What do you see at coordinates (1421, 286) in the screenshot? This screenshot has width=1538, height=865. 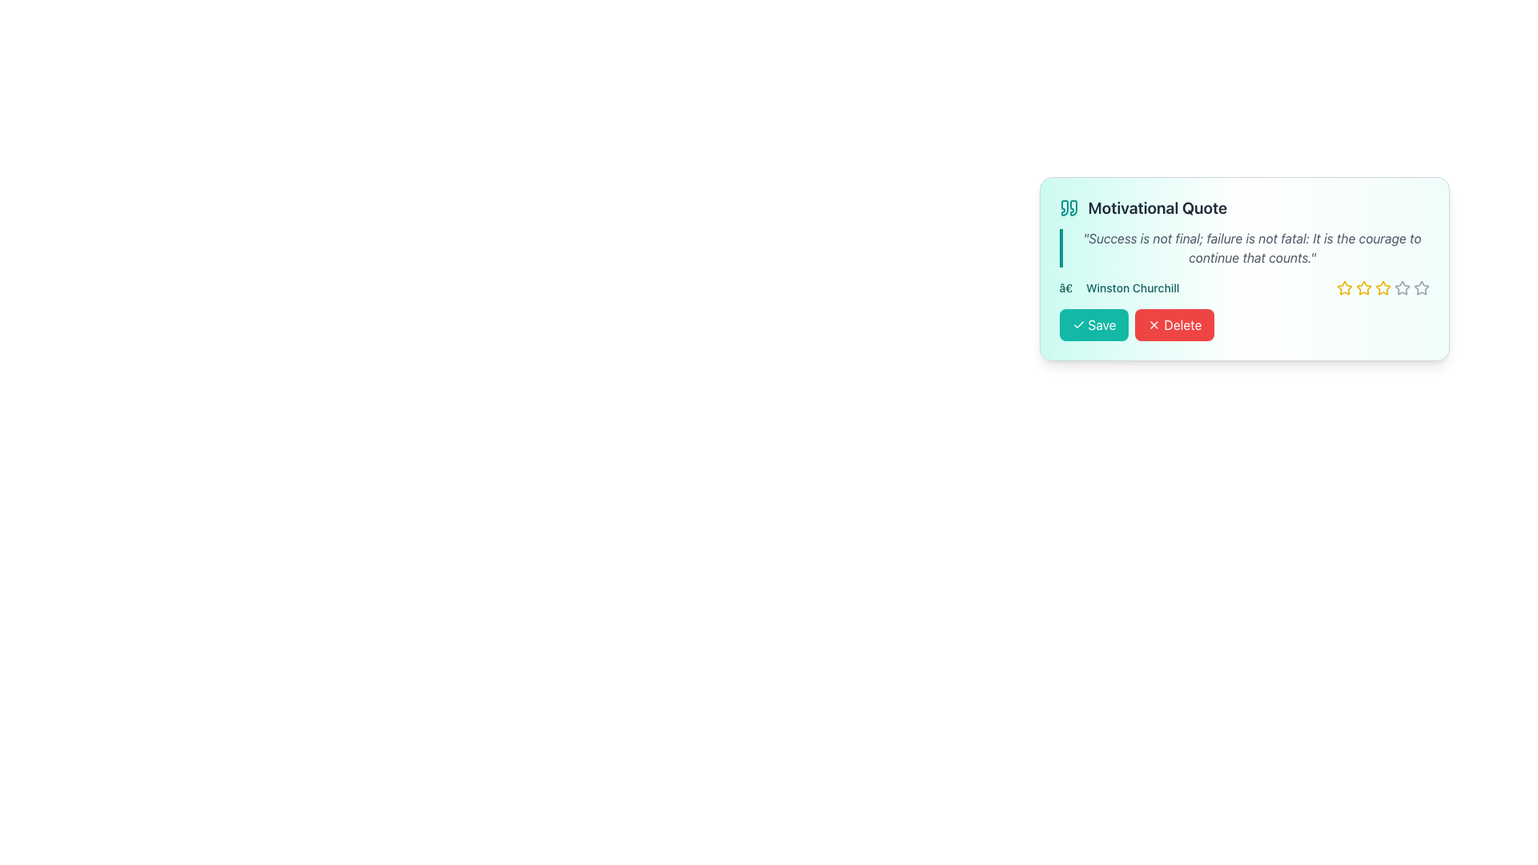 I see `the fifth star icon in the rating system` at bounding box center [1421, 286].